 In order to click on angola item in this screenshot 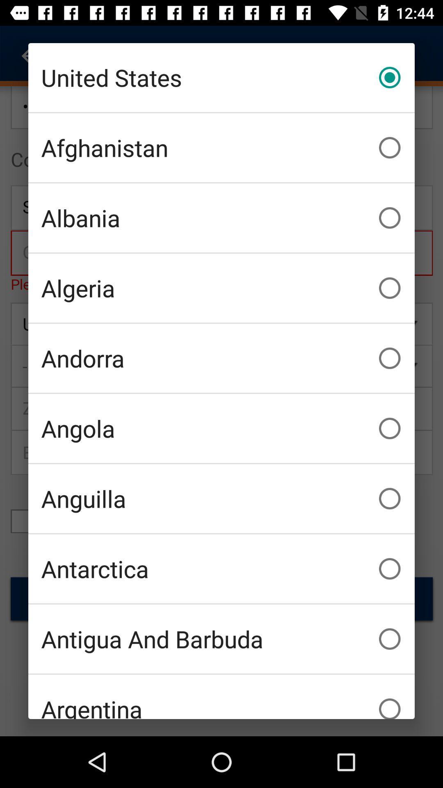, I will do `click(221, 428)`.